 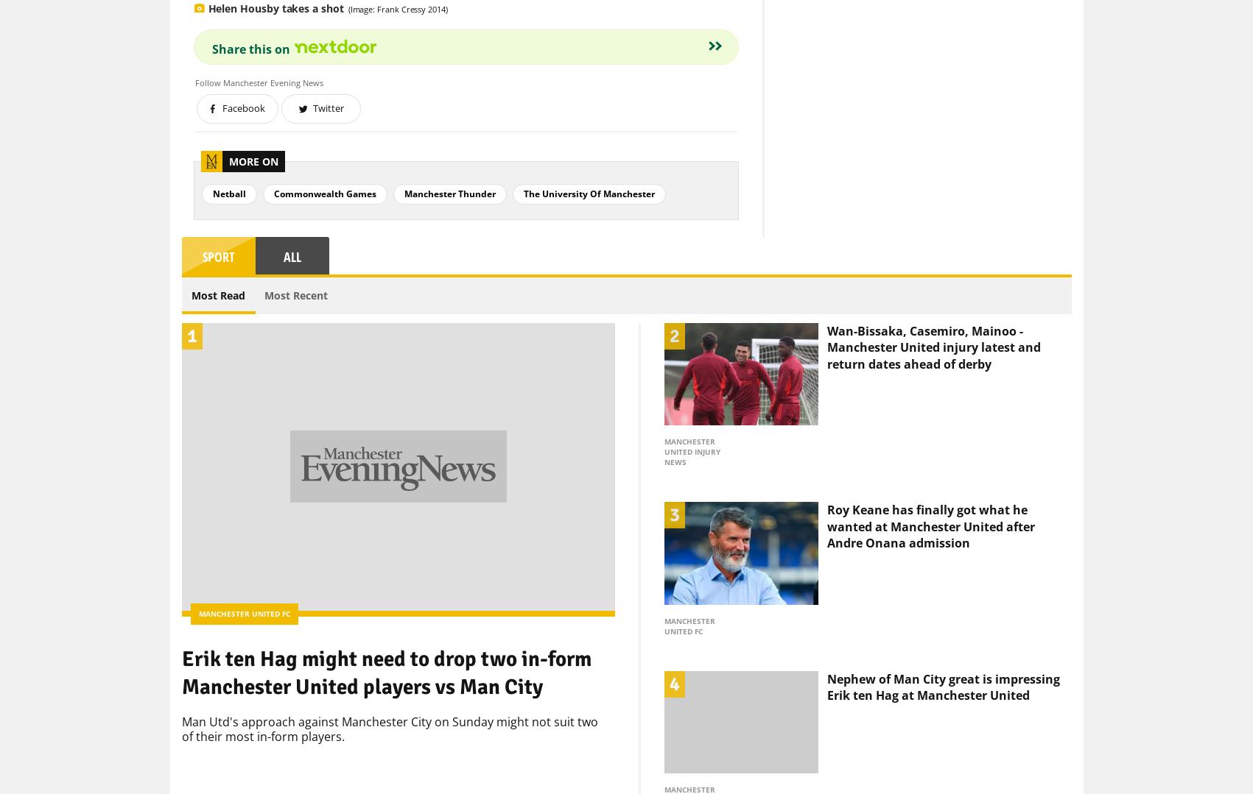 I want to click on 'Manchester Thunder', so click(x=404, y=168).